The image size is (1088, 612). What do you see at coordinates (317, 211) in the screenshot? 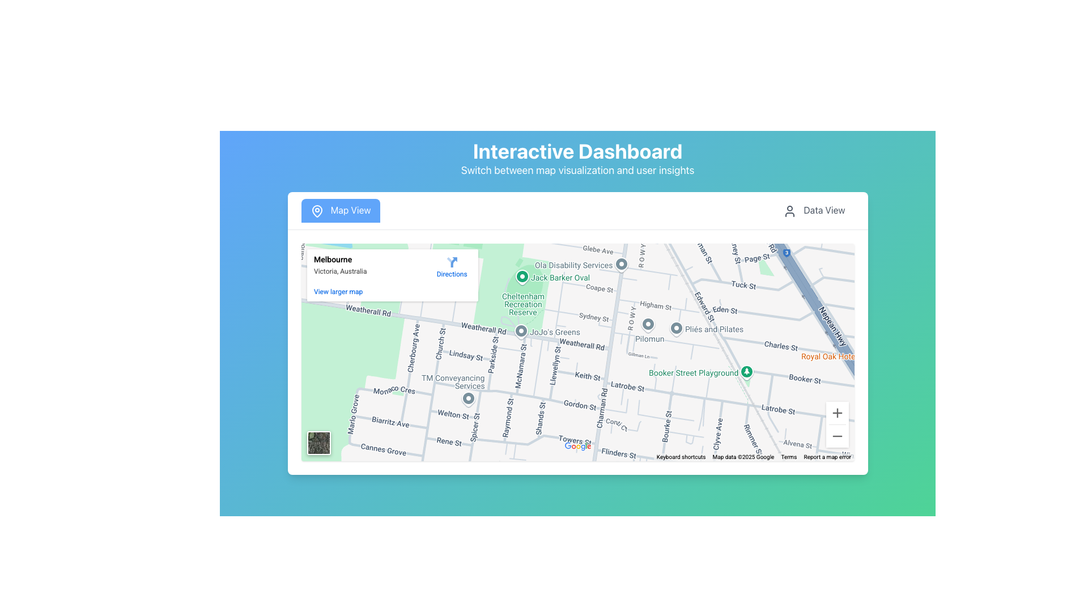
I see `the blue map pin graphical marker located near the top left corner of the interface, just below the 'Map View' tab` at bounding box center [317, 211].